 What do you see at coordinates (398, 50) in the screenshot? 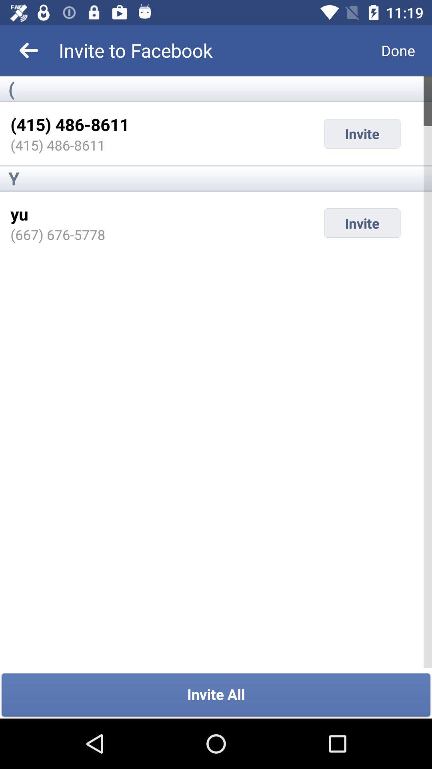
I see `item above the ( icon` at bounding box center [398, 50].